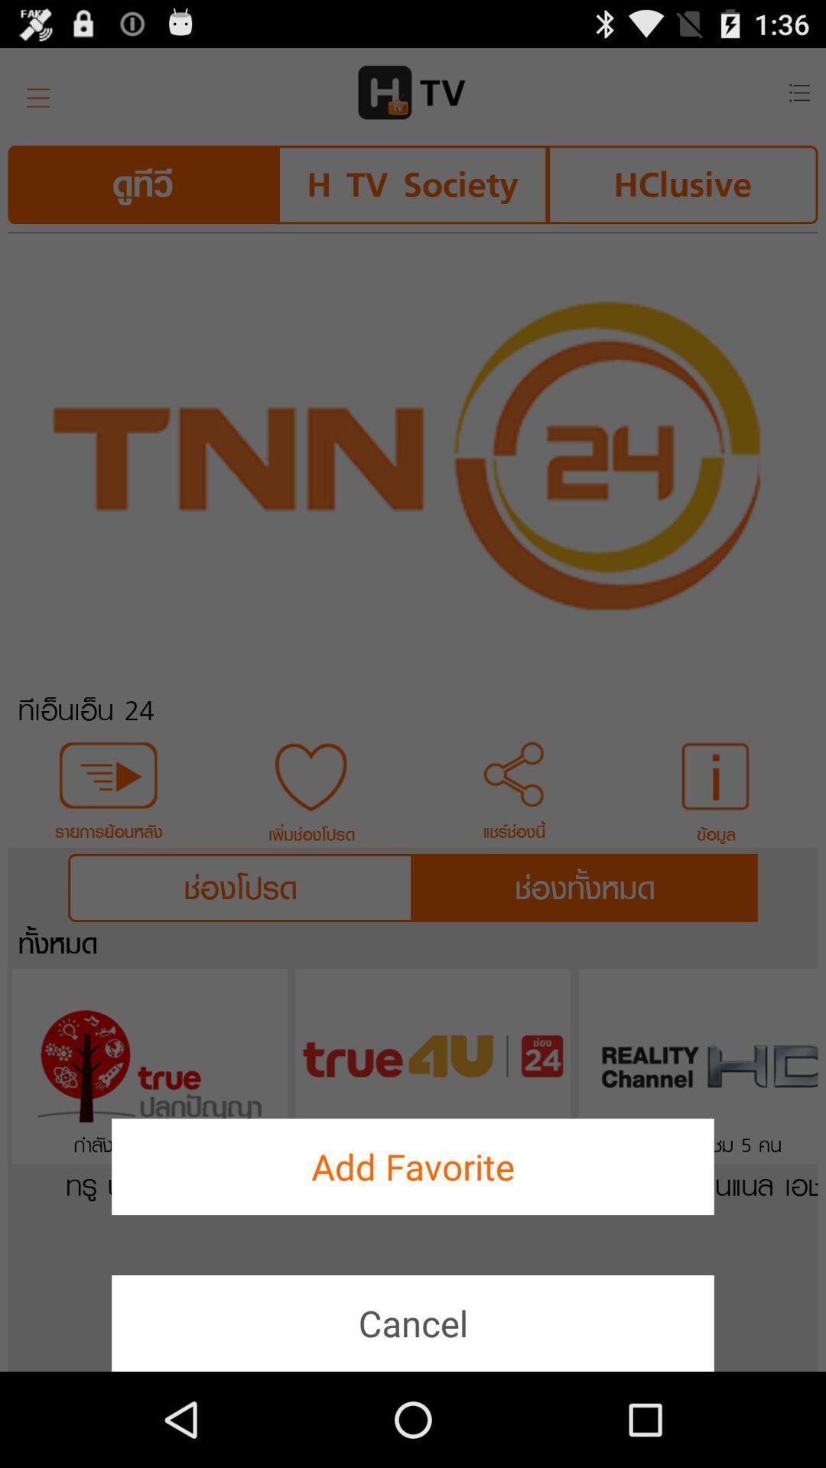  What do you see at coordinates (413, 1166) in the screenshot?
I see `the button above cancel icon` at bounding box center [413, 1166].